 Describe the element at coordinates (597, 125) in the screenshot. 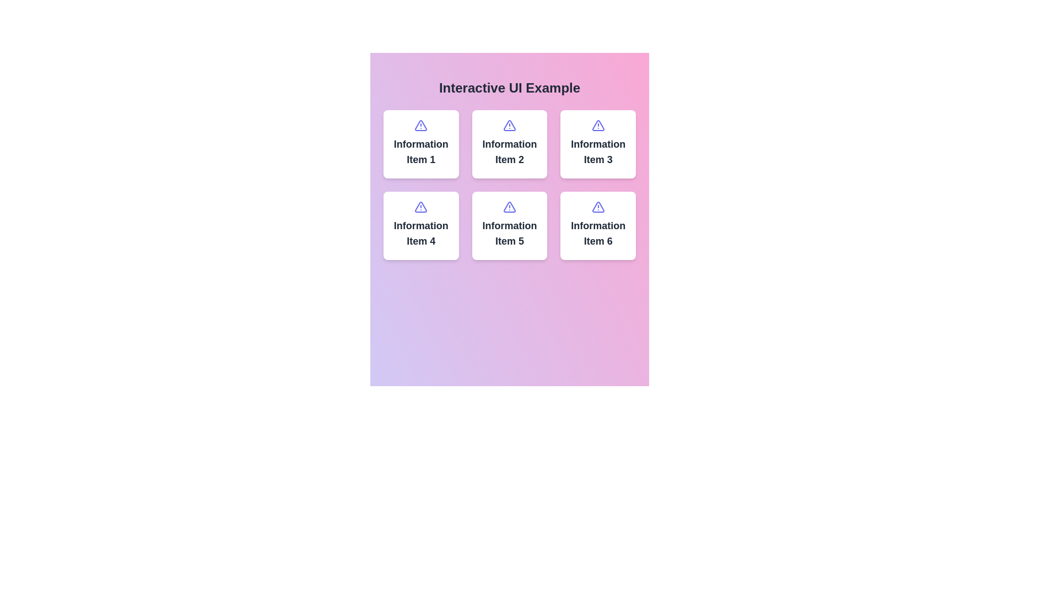

I see `the triangular warning alert icon located in the top-center of the card labeled 'Information Item 3'` at that location.